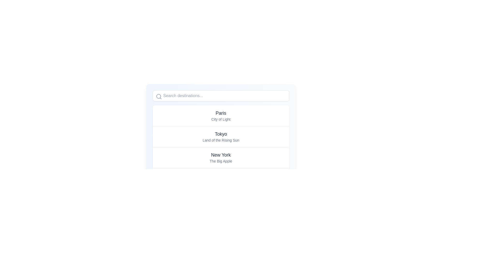 This screenshot has width=497, height=279. What do you see at coordinates (221, 157) in the screenshot?
I see `to select the destination 'New York', which is the third item in a vertically-stacked list of destinations, featuring bold text on a white background` at bounding box center [221, 157].